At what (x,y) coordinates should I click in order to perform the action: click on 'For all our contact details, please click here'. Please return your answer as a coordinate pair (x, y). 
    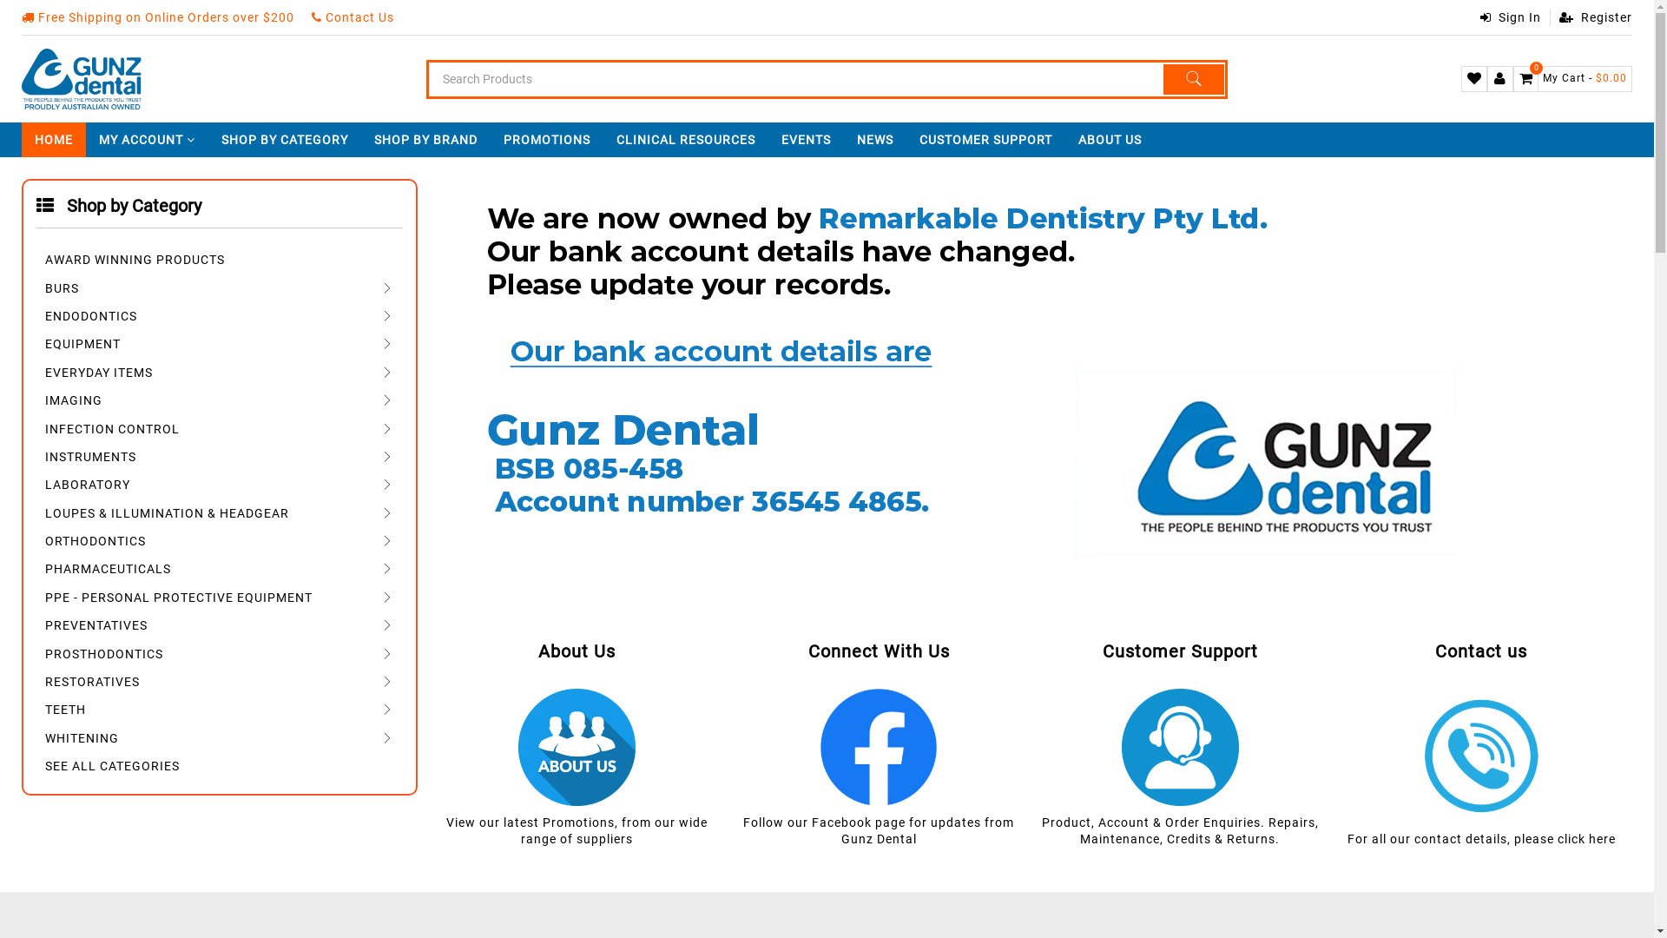
    Looking at the image, I should click on (1480, 837).